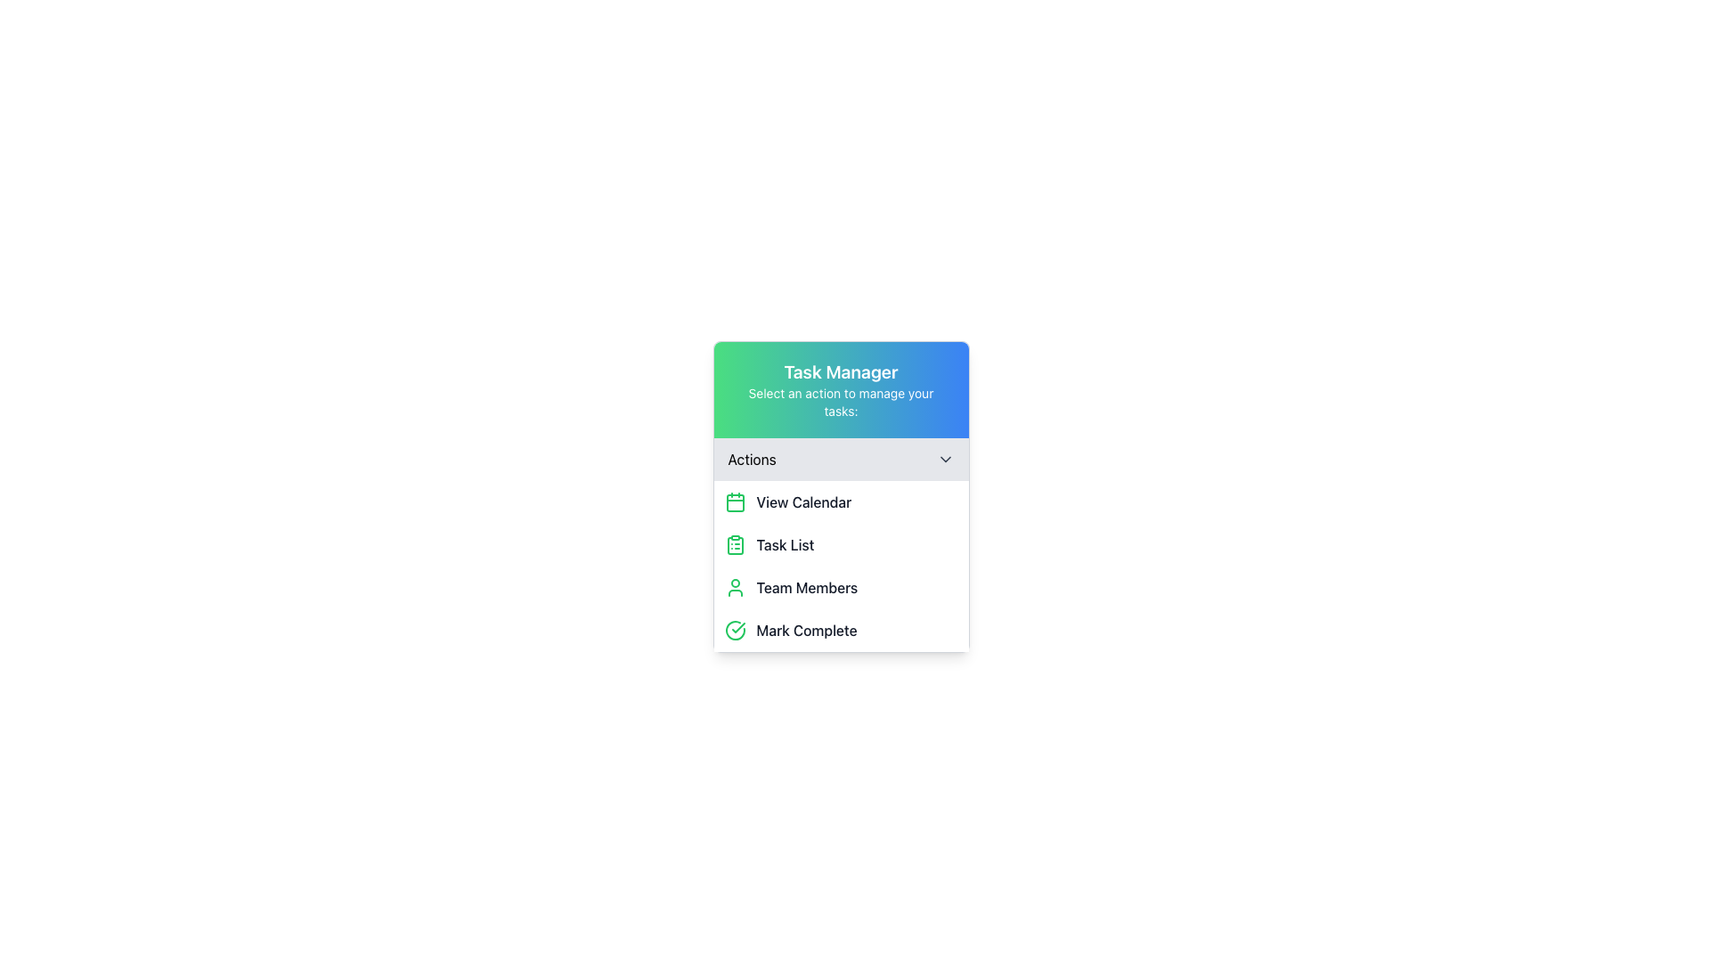 The height and width of the screenshot is (962, 1710). Describe the element at coordinates (735, 587) in the screenshot. I see `the user profile icon with a green outline located in the 'Team Members' section, adjacent to the label 'Team Members'` at that location.